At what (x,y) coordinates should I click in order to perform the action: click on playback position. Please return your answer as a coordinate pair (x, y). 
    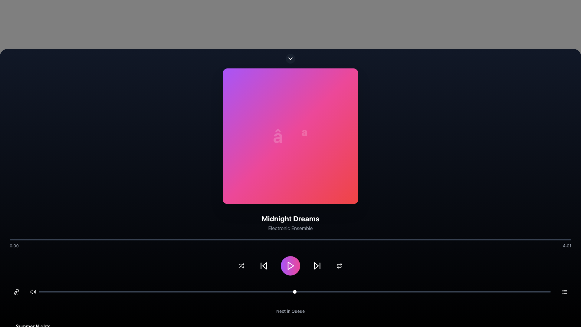
    Looking at the image, I should click on (565, 239).